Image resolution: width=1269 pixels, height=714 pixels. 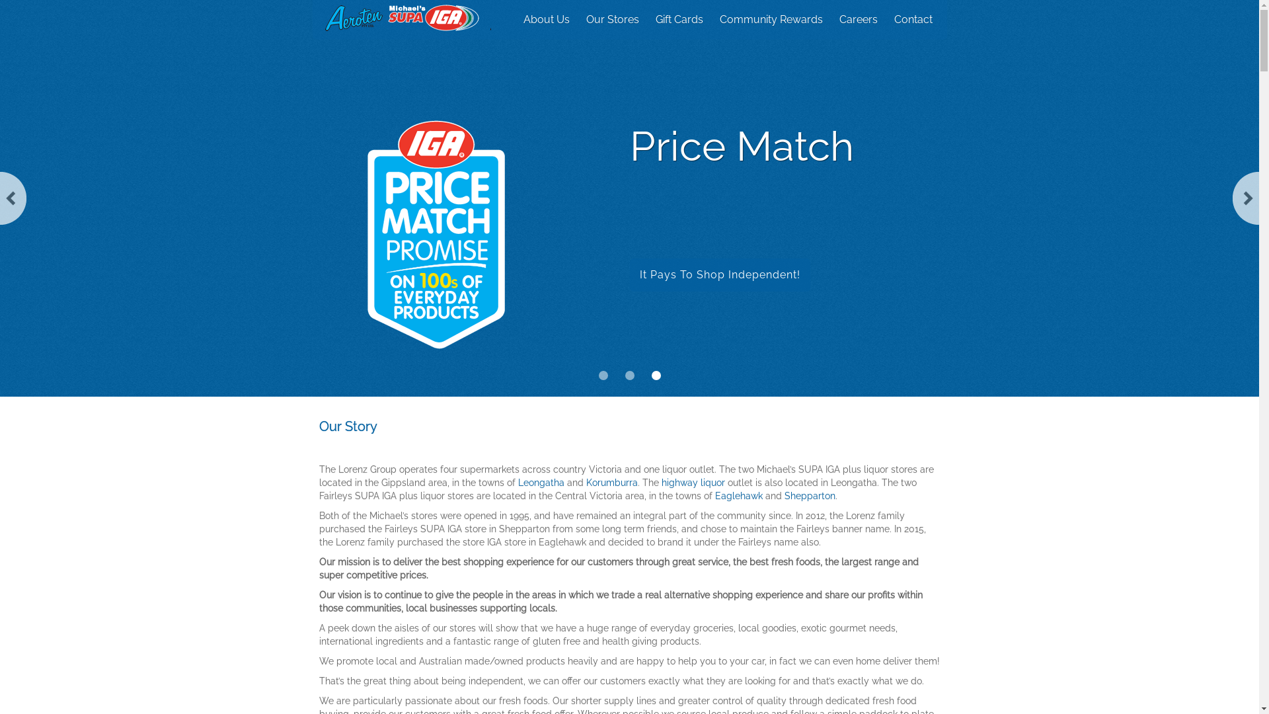 I want to click on 'Shepparton', so click(x=808, y=495).